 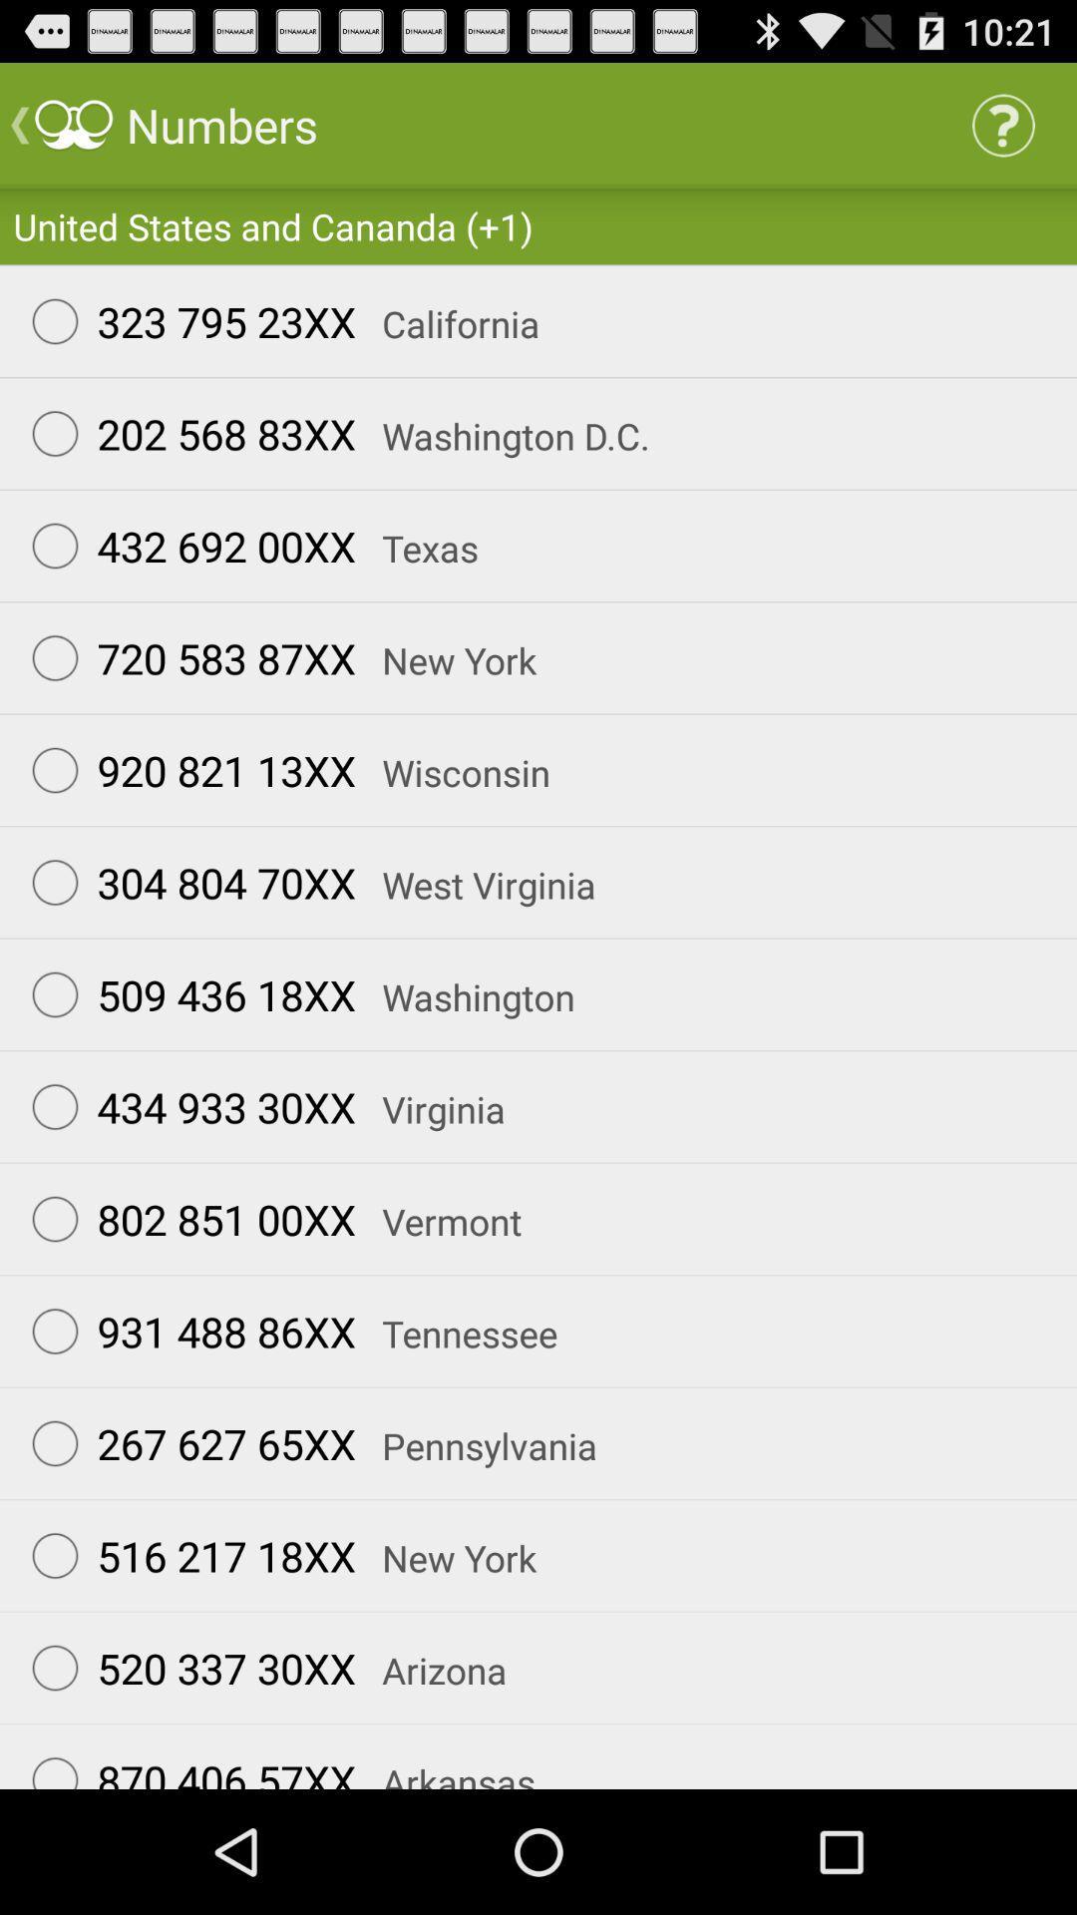 I want to click on item to the left of the washington d.c. icon, so click(x=184, y=433).